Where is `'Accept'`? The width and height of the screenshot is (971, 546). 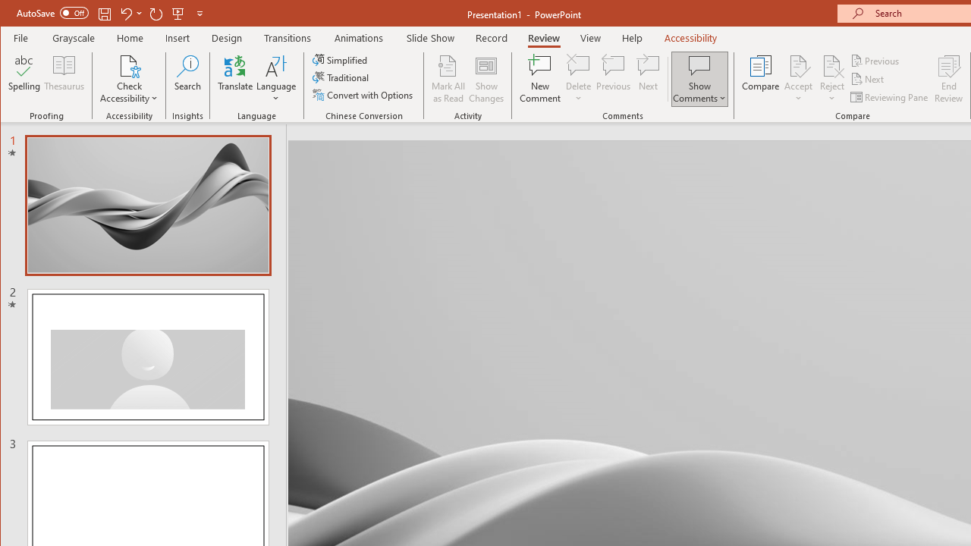 'Accept' is located at coordinates (797, 79).